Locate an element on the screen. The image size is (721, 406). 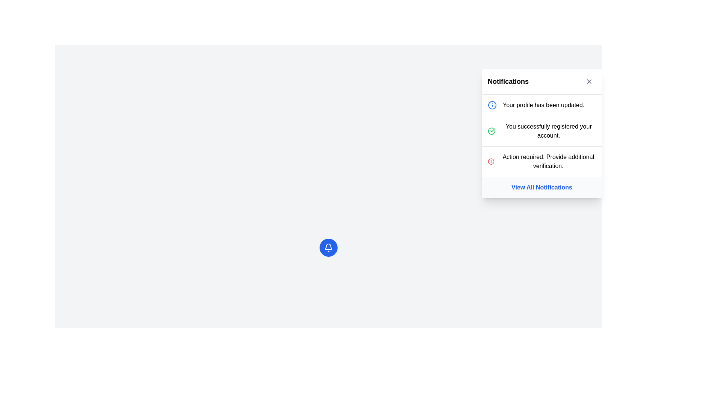
the navigational link at the bottom of the notifications panel is located at coordinates (542, 186).